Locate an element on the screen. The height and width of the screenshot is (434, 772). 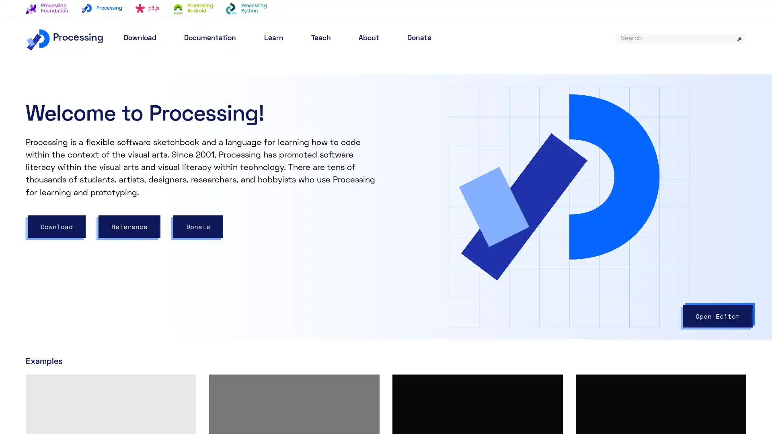
change position is located at coordinates (453, 238).